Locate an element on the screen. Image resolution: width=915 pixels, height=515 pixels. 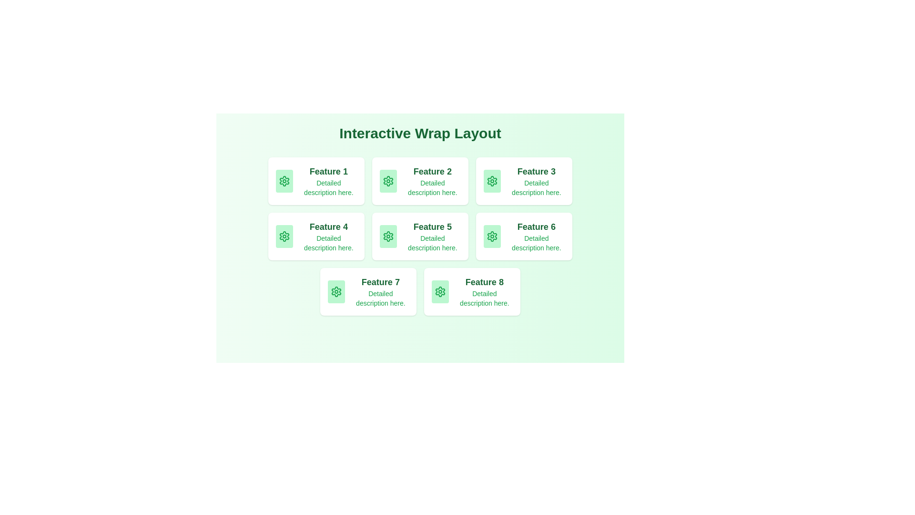
the Text Display Block displaying 'Feature 6', which provides information about this specific feature is located at coordinates (536, 236).